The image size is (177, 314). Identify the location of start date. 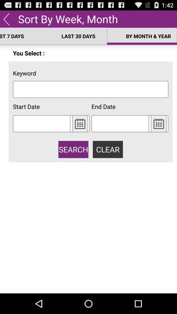
(42, 123).